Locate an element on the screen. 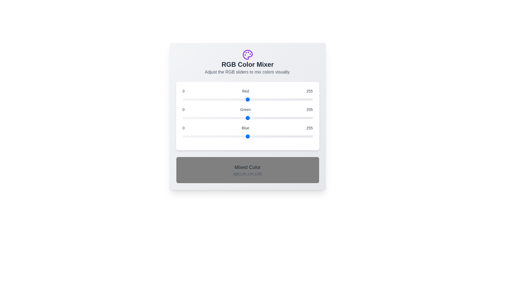 The width and height of the screenshot is (521, 293). the 1 slider to the value 169 to observe the resulting mixed color is located at coordinates (247, 118).